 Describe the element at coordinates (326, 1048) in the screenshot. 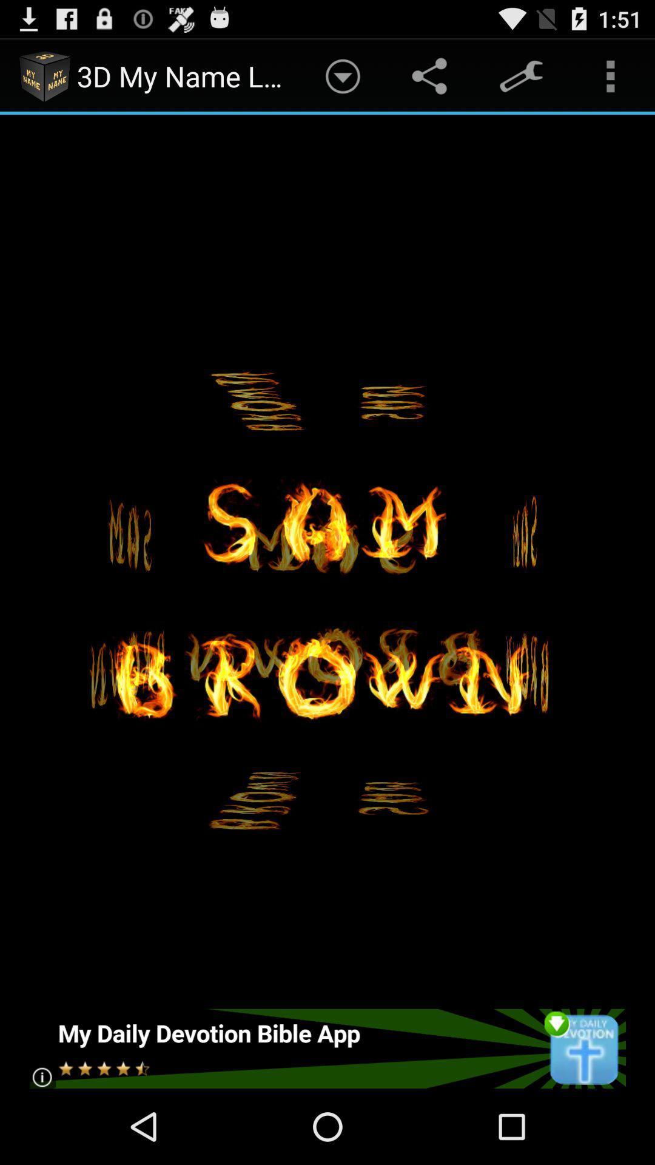

I see `advertisement` at that location.